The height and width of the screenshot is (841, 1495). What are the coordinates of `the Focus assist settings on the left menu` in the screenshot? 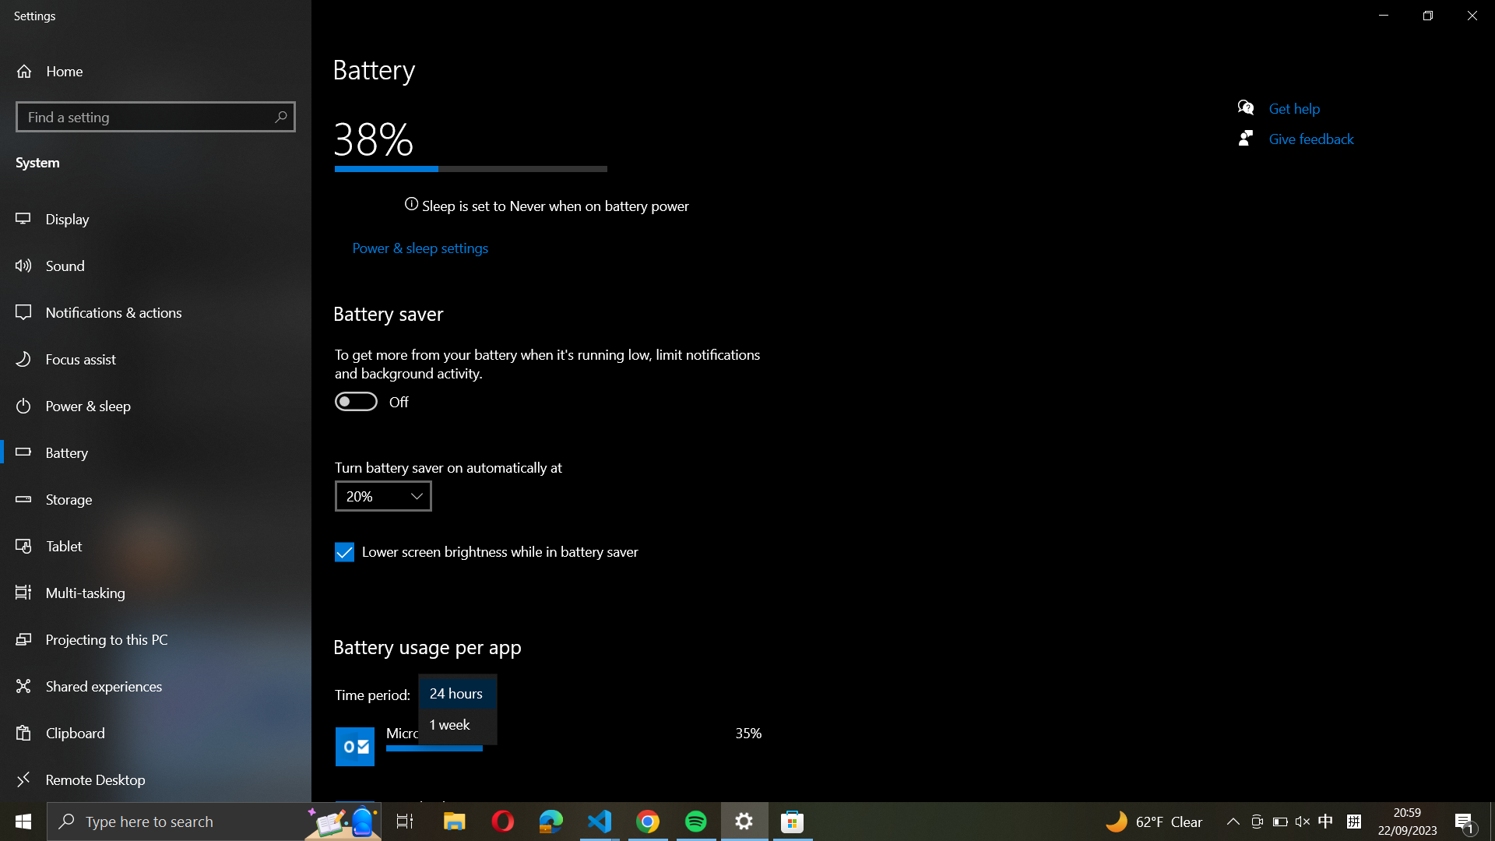 It's located at (157, 360).